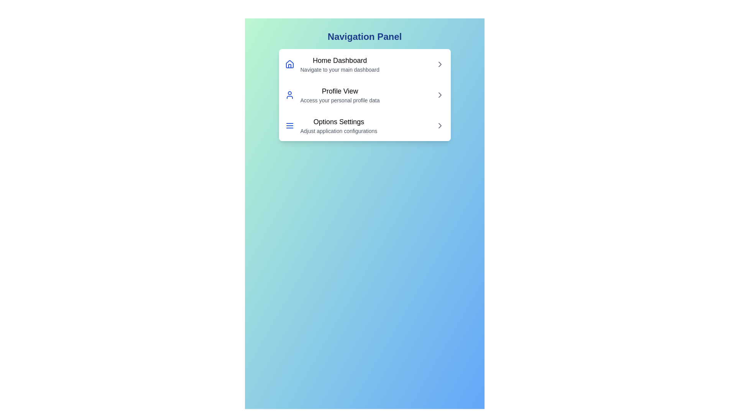  What do you see at coordinates (364, 64) in the screenshot?
I see `the menu item labeled Home Dashboard` at bounding box center [364, 64].